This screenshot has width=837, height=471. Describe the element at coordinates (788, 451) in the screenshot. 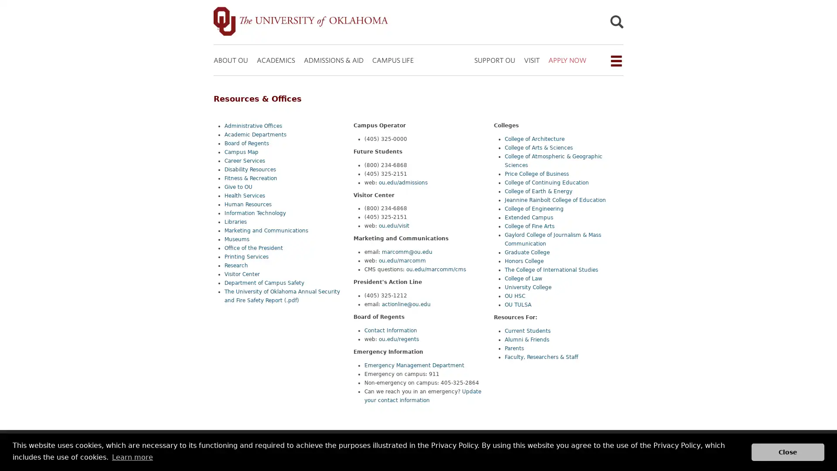

I see `dismiss cookie message` at that location.